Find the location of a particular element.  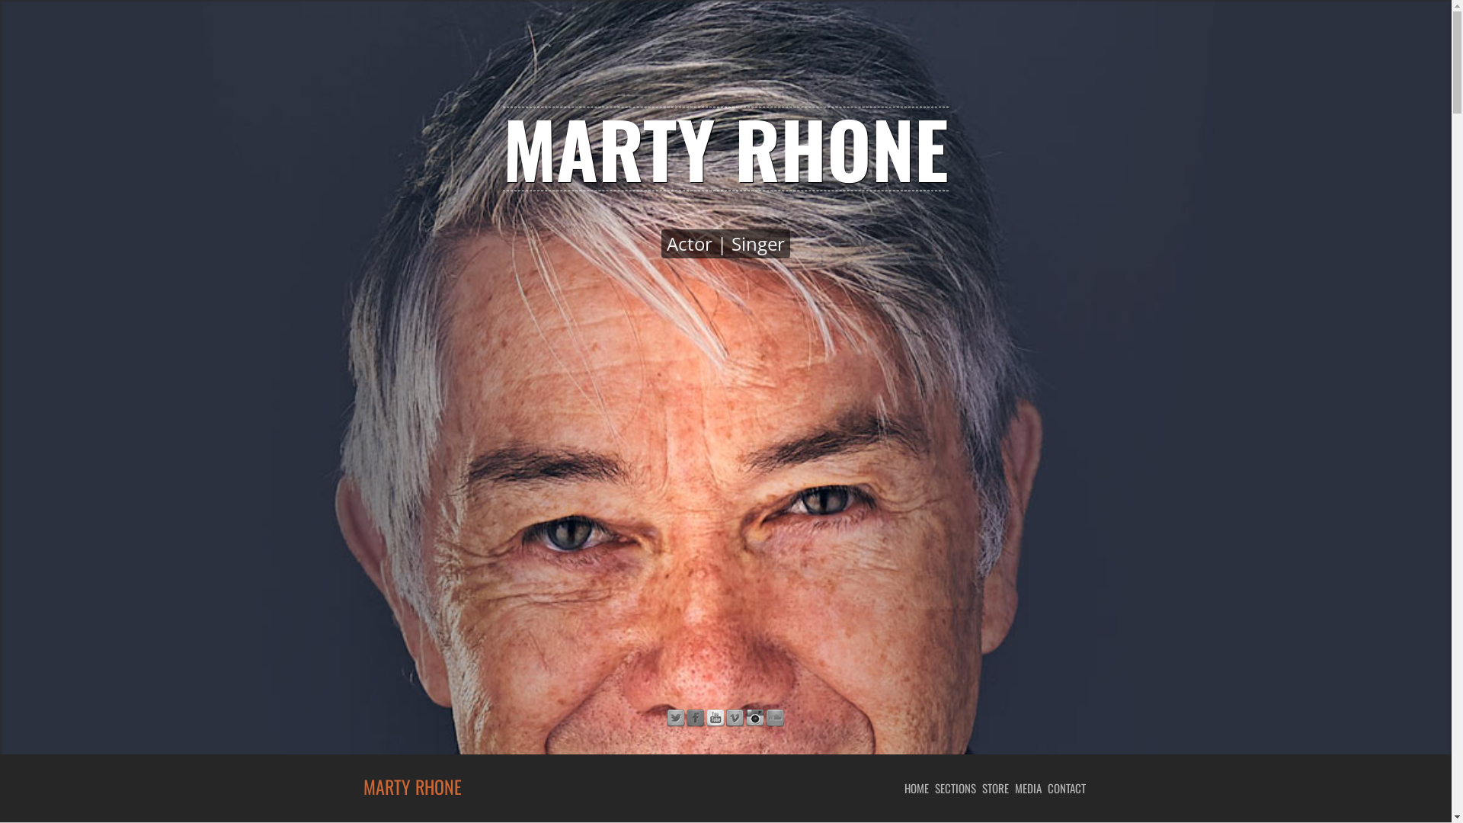

'CONTACT' is located at coordinates (1068, 787).